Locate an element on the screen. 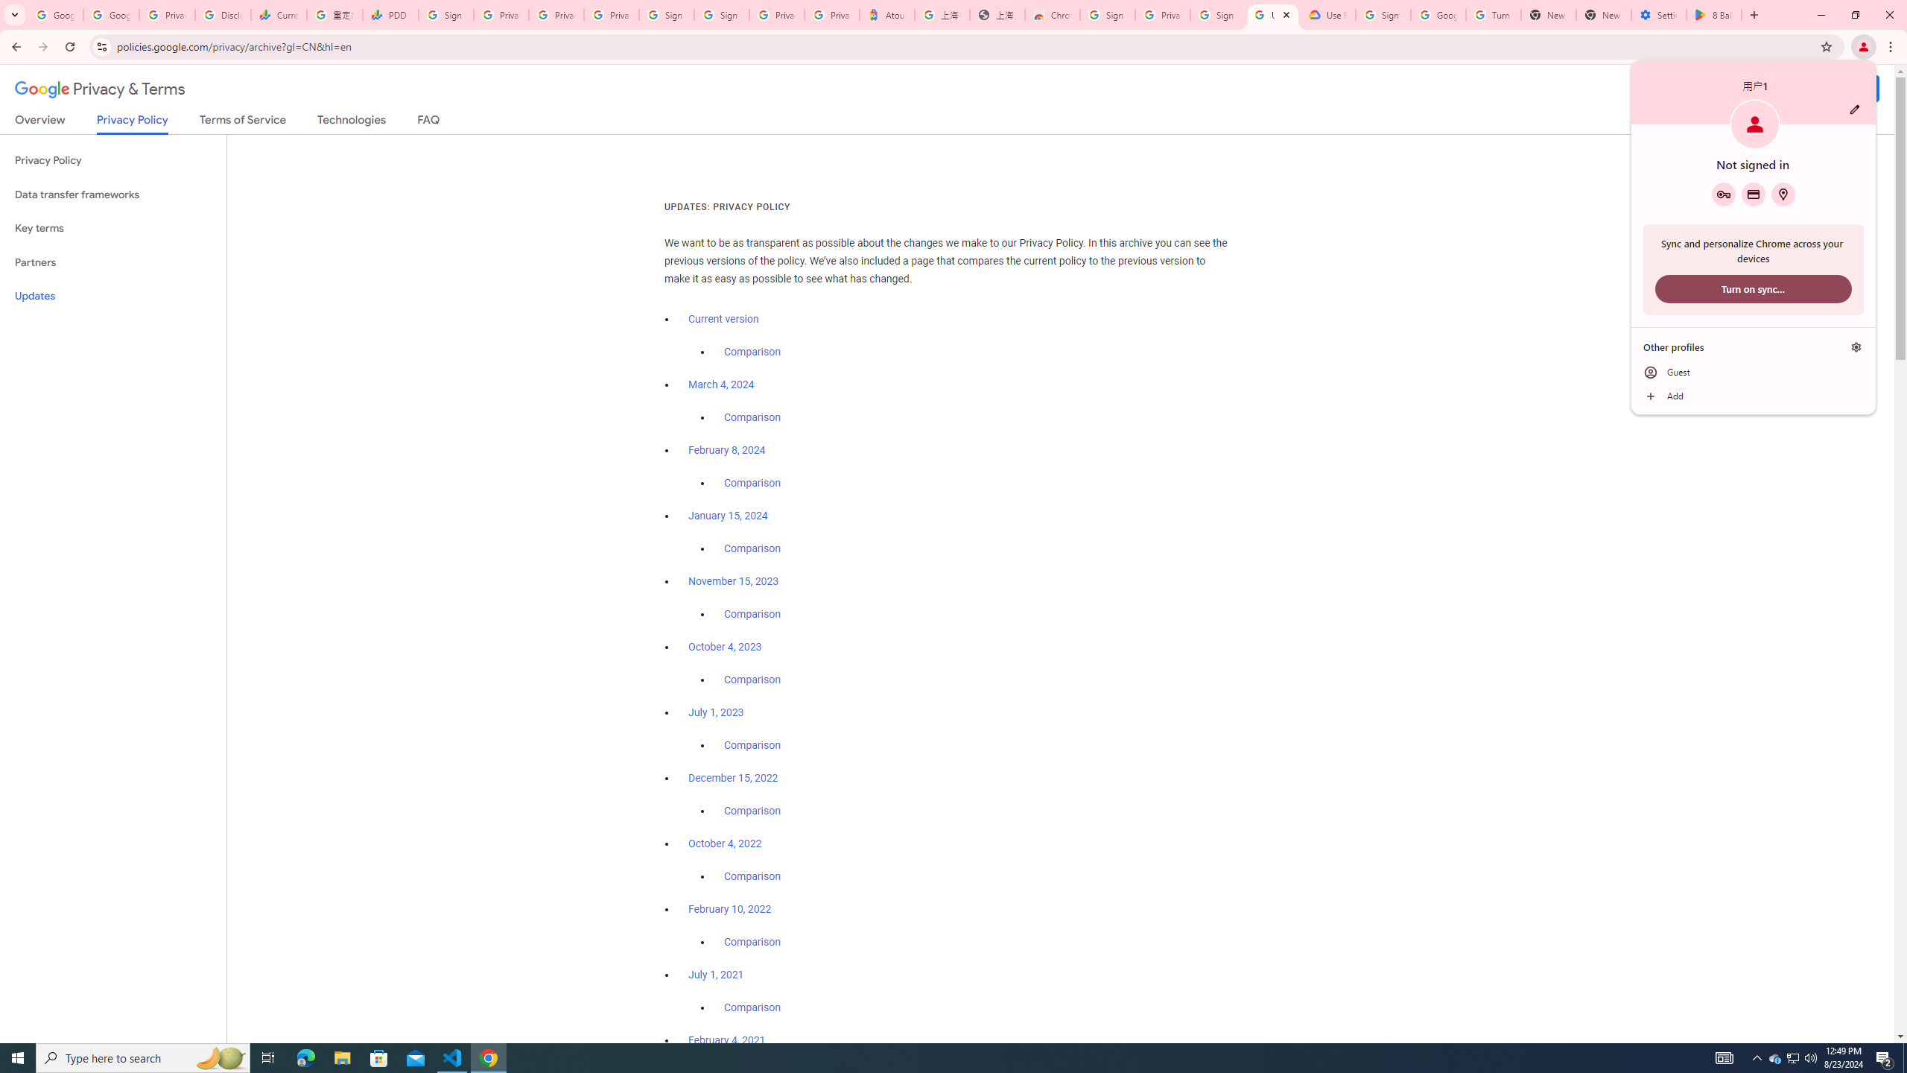  'Visual Studio Code - 1 running window' is located at coordinates (452, 1057).